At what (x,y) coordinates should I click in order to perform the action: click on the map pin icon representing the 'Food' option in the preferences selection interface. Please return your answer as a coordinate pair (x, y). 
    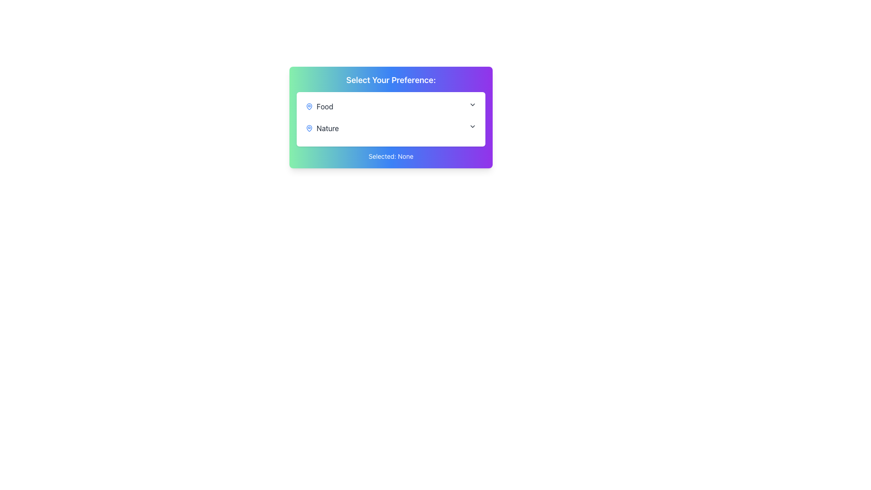
    Looking at the image, I should click on (309, 106).